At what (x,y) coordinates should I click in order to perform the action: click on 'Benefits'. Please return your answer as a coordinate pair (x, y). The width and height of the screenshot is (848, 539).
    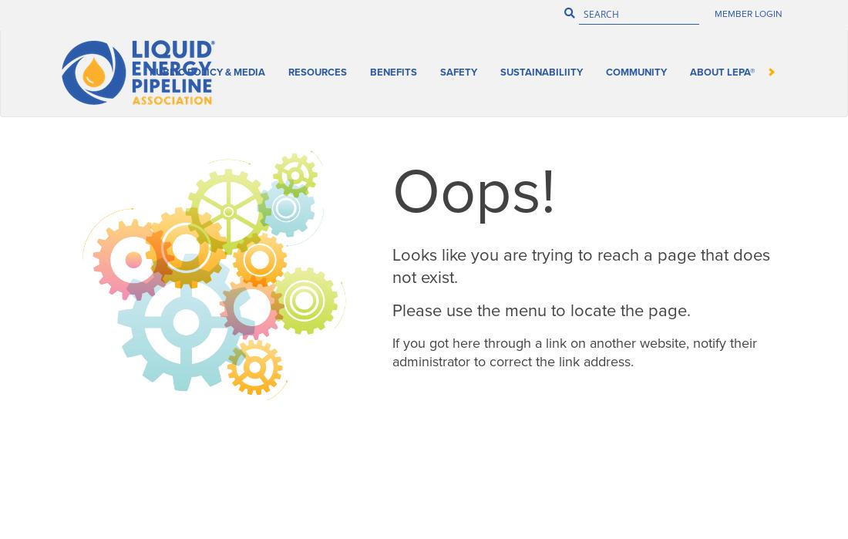
    Looking at the image, I should click on (585, 67).